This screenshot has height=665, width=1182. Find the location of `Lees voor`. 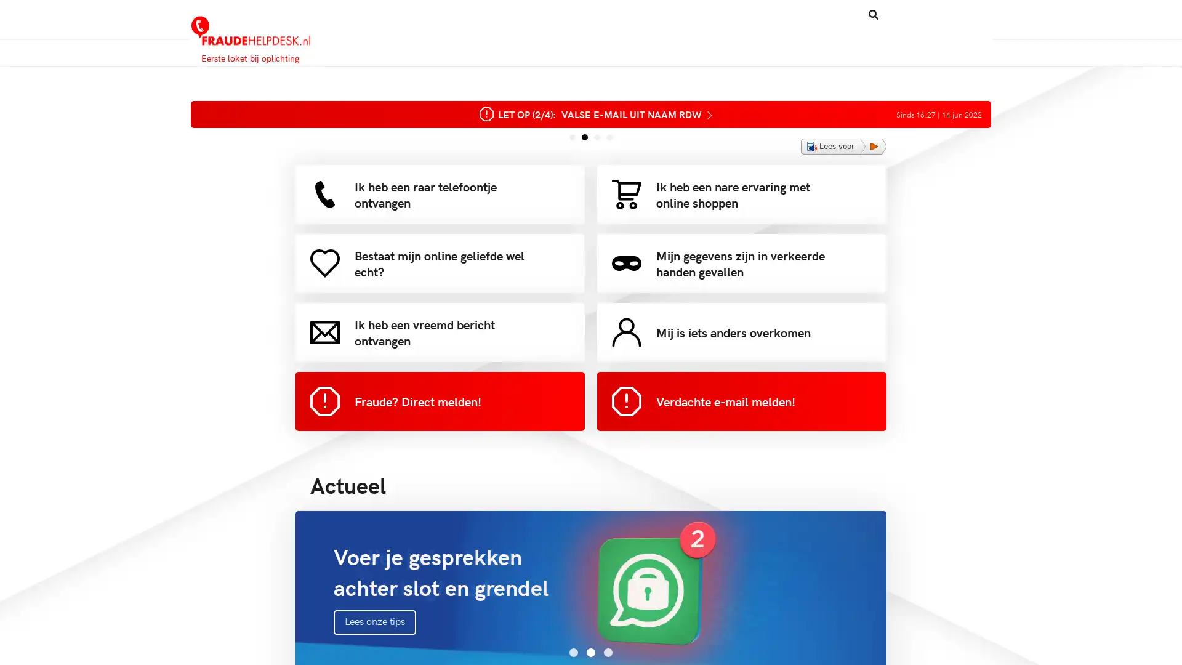

Lees voor is located at coordinates (843, 146).